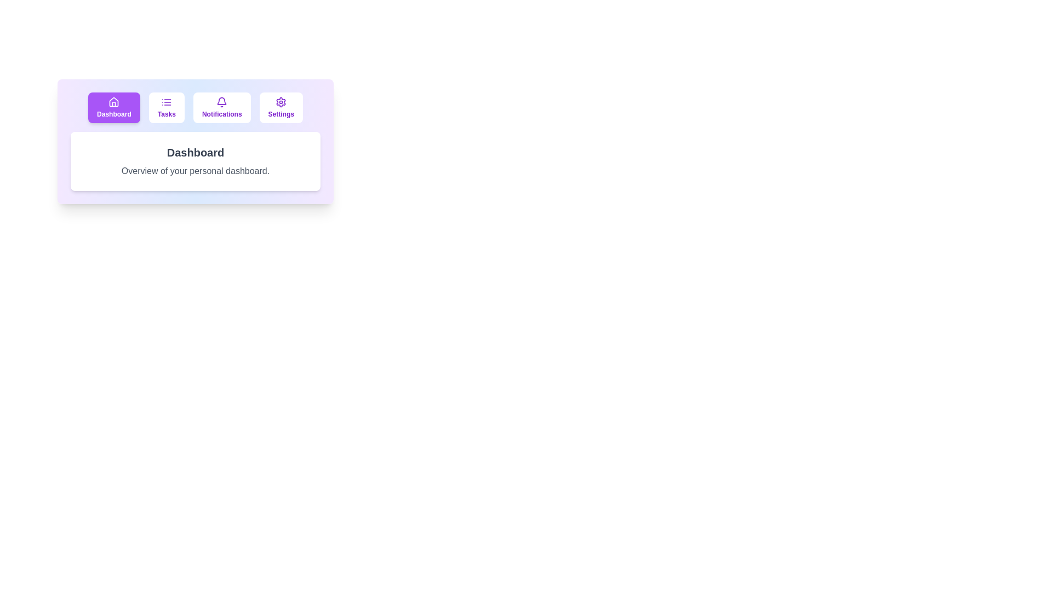  I want to click on the tab labeled Dashboard, so click(113, 107).